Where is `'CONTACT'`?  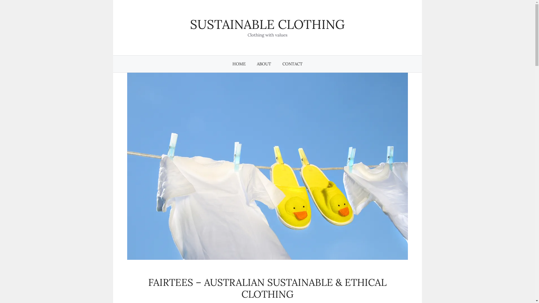 'CONTACT' is located at coordinates (292, 63).